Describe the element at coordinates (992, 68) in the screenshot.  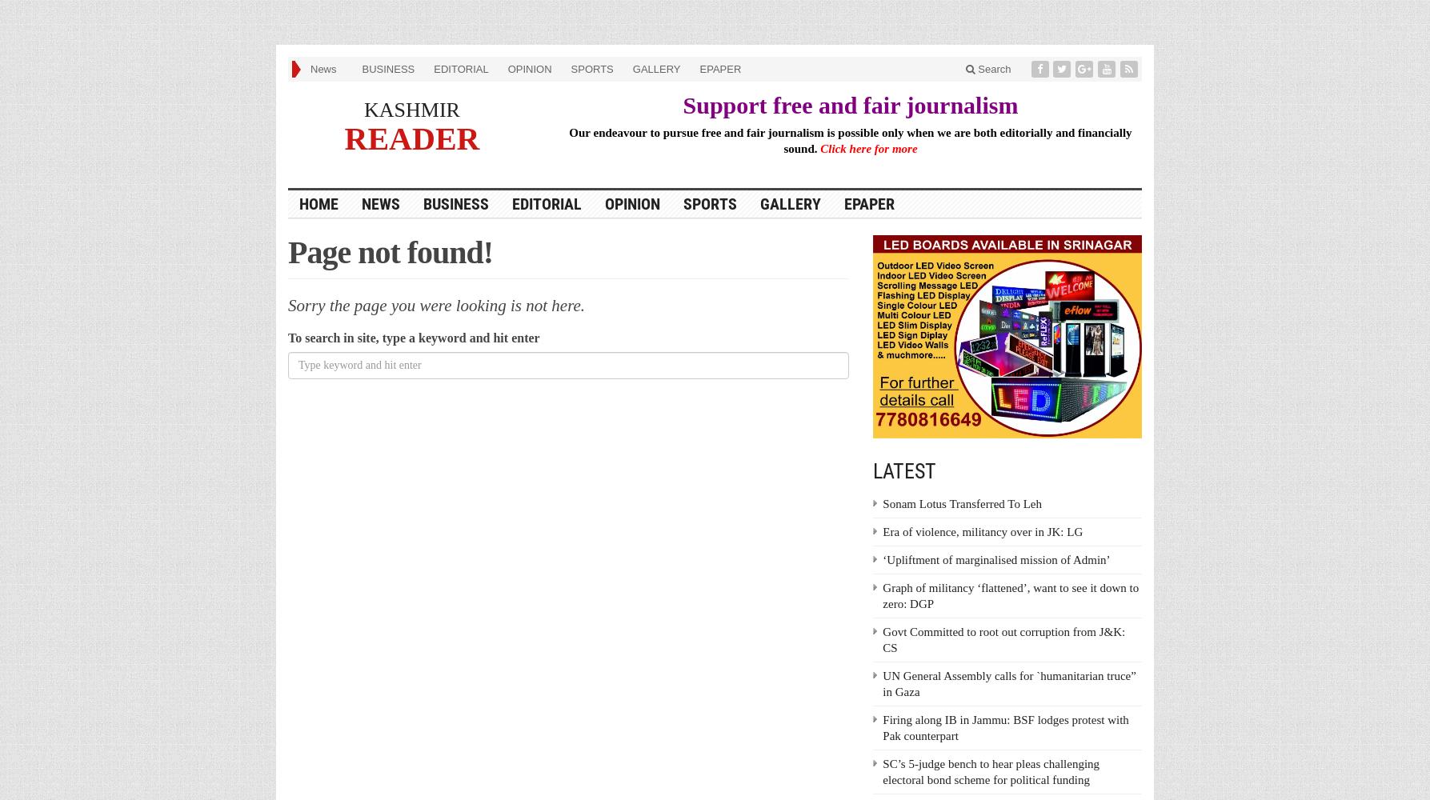
I see `'Search'` at that location.